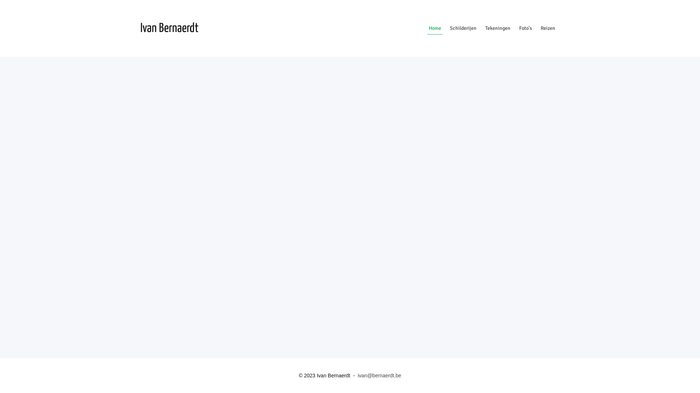 The width and height of the screenshot is (700, 393). I want to click on 'ivan@bernaerdt.be', so click(379, 376).